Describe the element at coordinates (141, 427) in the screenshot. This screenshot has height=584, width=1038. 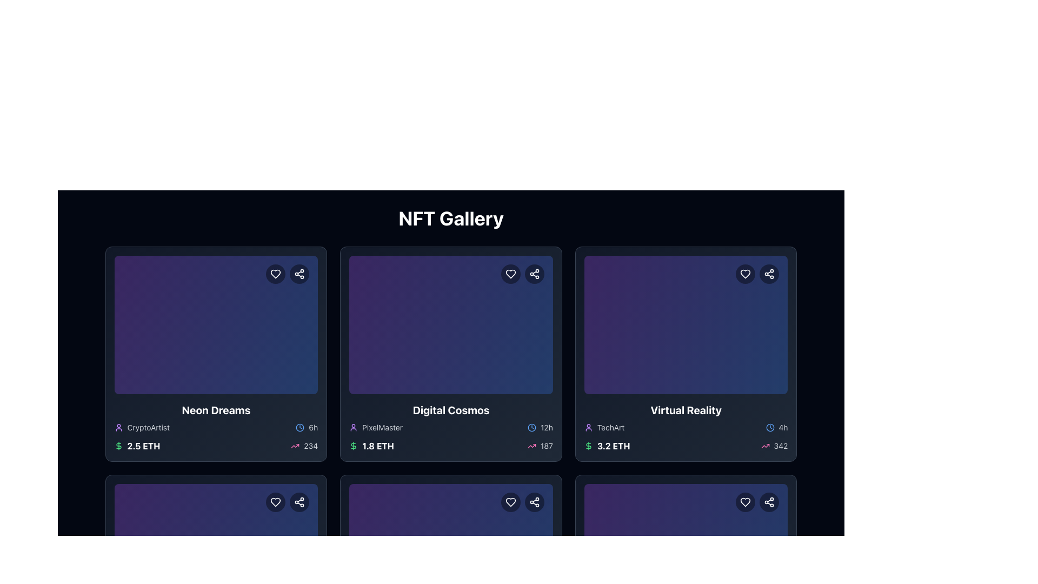
I see `the text label 'CryptoArtist' which is styled with a small purple user icon to its left, located in the bottom-left corner of the NFT card` at that location.